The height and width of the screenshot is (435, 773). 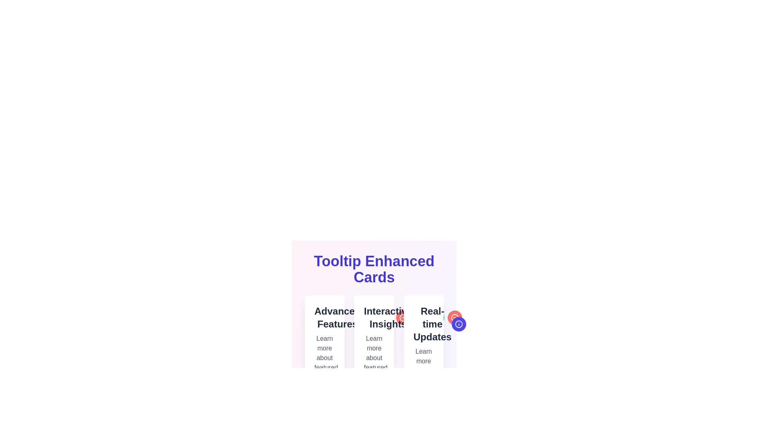 I want to click on the remove button located at the top-right of the 'Interactive Insights' card under 'Tooltip Enhanced Cards', so click(x=403, y=317).